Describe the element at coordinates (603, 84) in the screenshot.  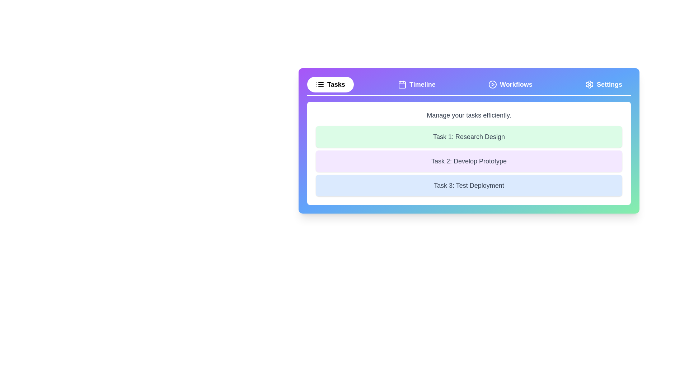
I see `the button labeled Settings to observe its hover effect` at that location.